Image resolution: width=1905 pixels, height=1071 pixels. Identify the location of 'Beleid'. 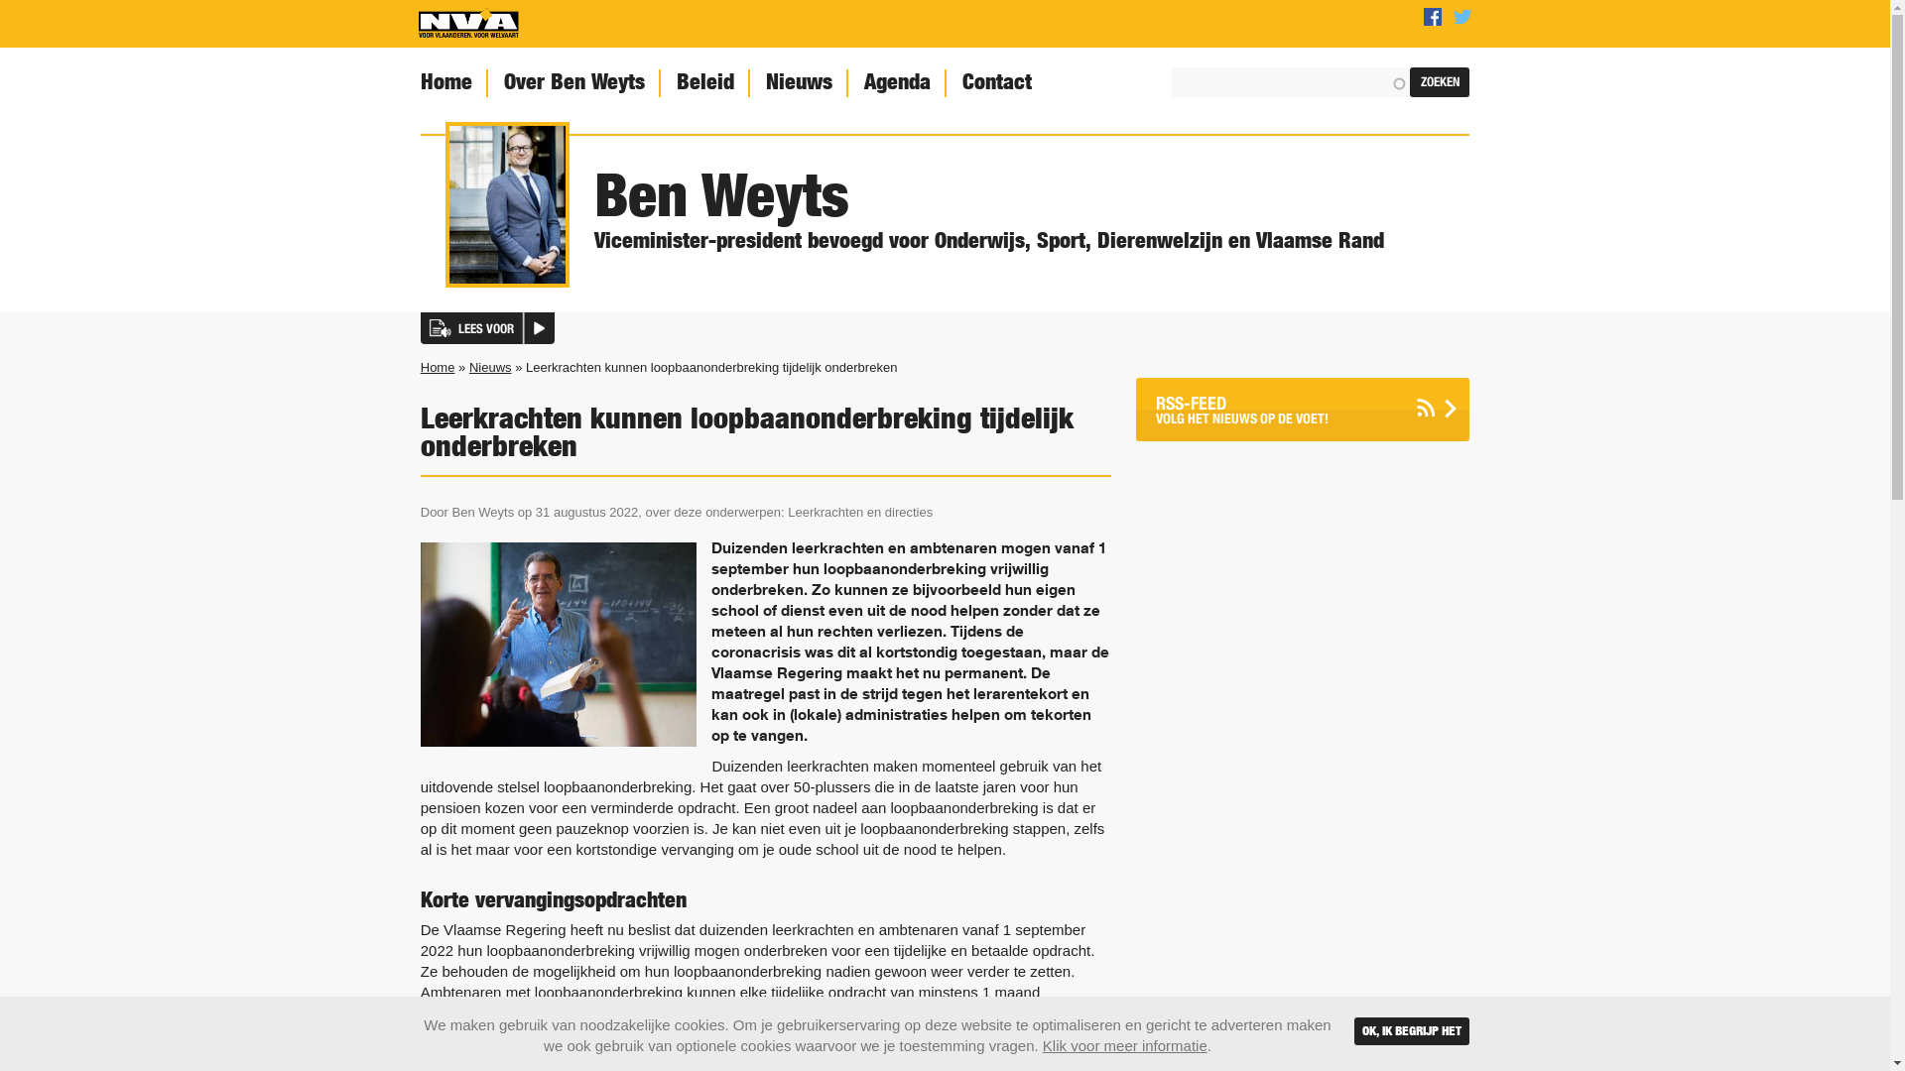
(658, 82).